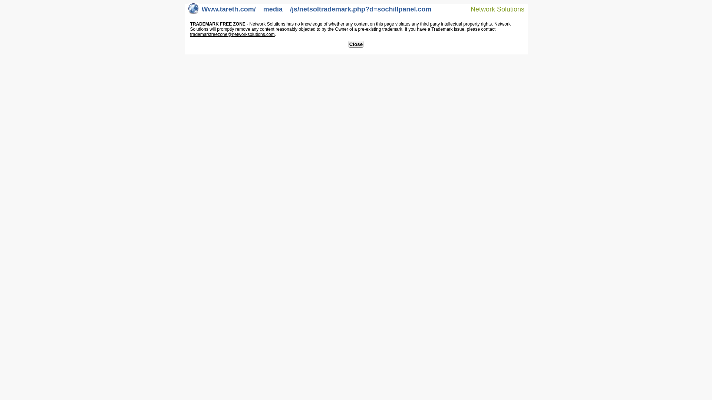 This screenshot has width=712, height=400. Describe the element at coordinates (231, 34) in the screenshot. I see `'trademarkfreezone@networksolutions.com'` at that location.